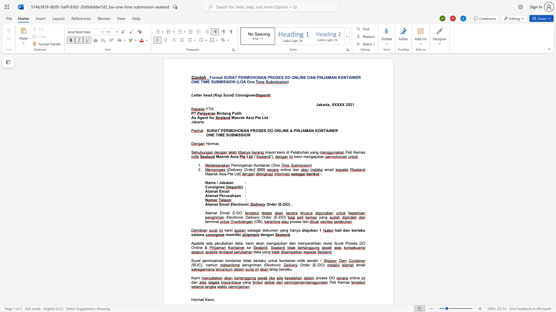 The height and width of the screenshot is (312, 556). Describe the element at coordinates (255, 252) in the screenshot. I see `the subset text "ata ya" within the text "data yang"` at that location.